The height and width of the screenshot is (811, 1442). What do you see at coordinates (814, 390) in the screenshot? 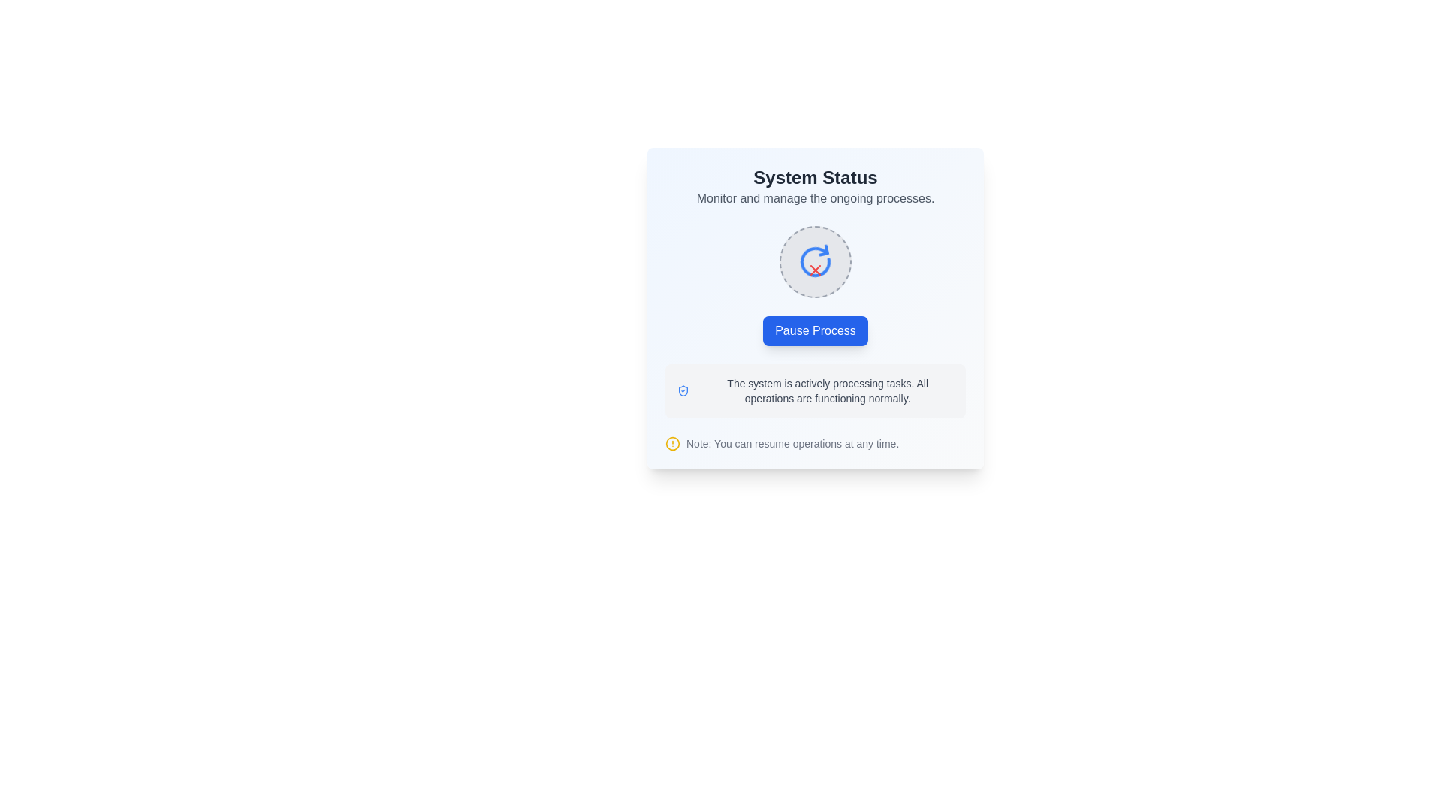
I see `the informational message block which has a light gray background, a blue shield icon with a checkmark on the left, and the text 'The system is actively processing tasks. All operations are functioning normally.' on the right` at bounding box center [814, 390].